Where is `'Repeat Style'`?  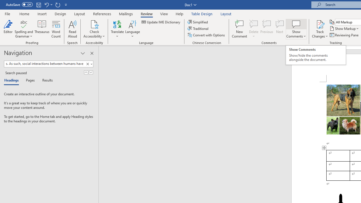
'Repeat Style' is located at coordinates (58, 5).